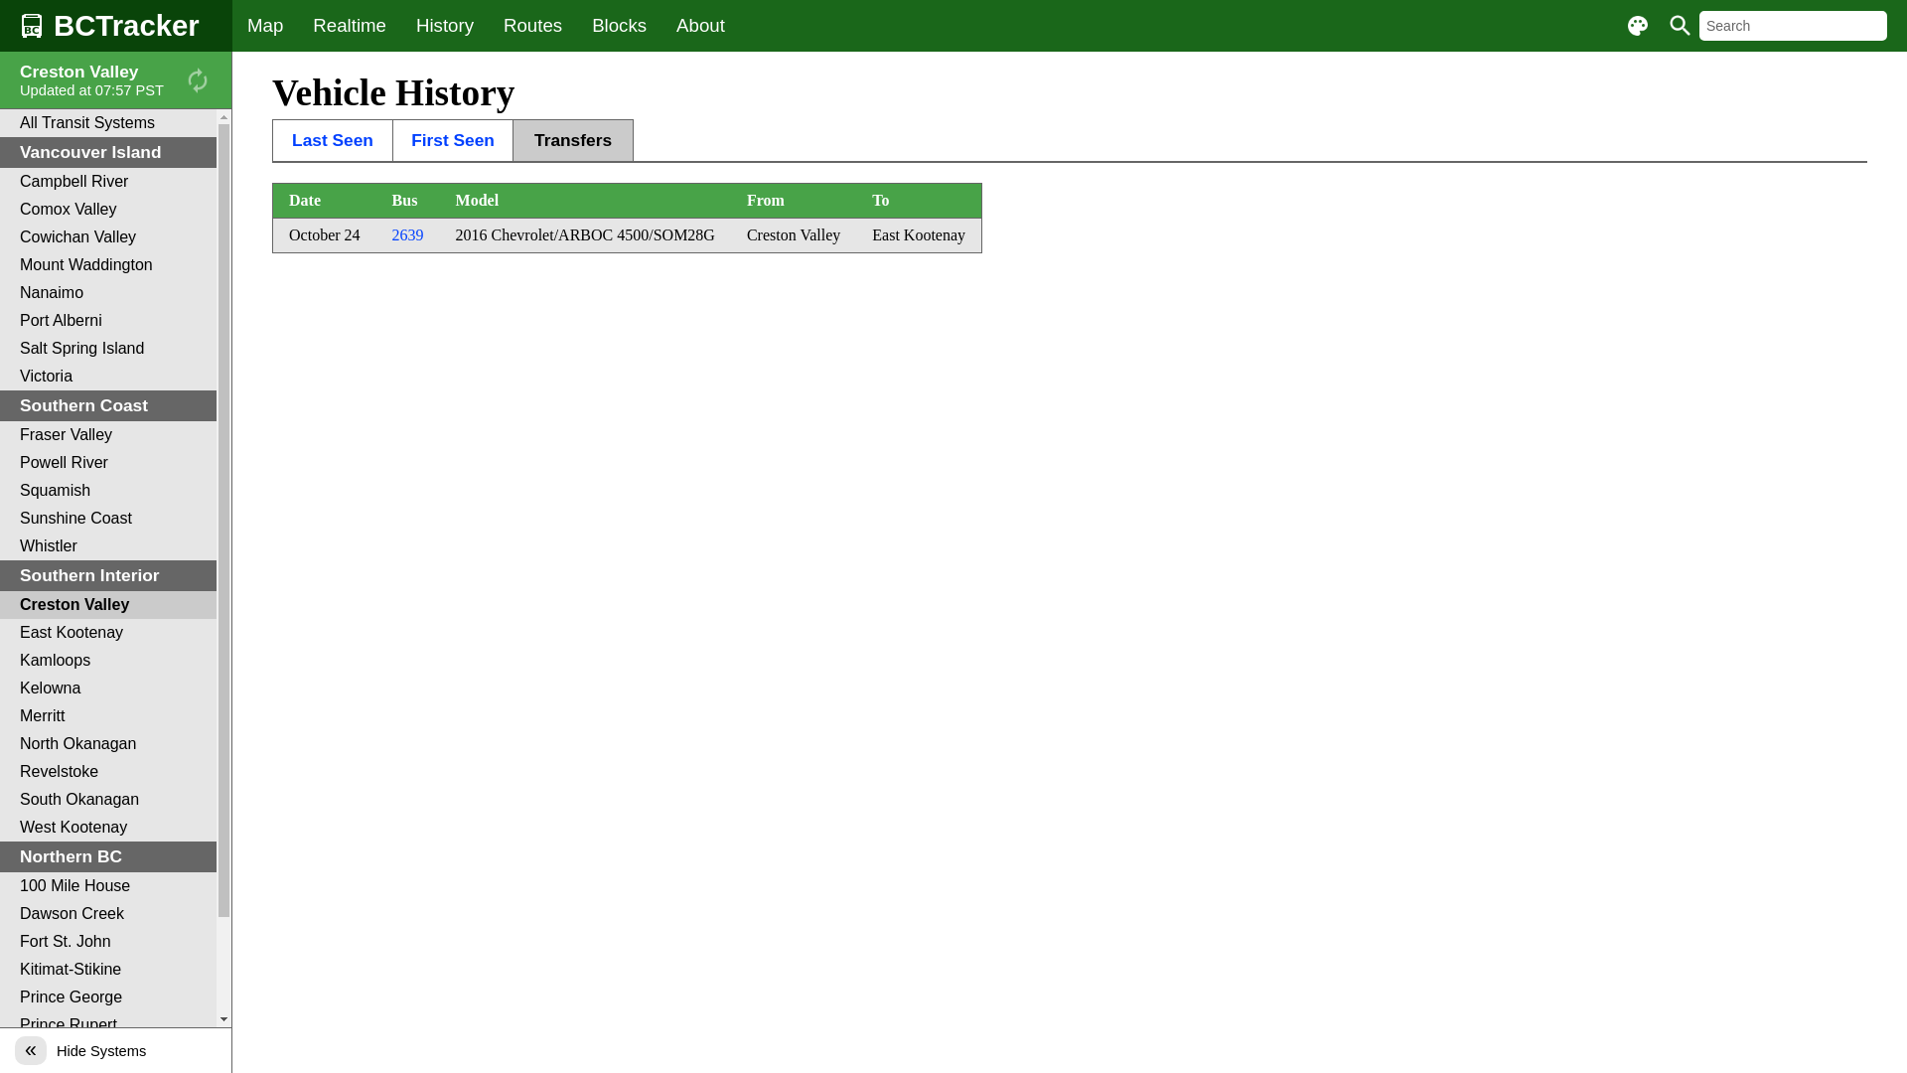  Describe the element at coordinates (0, 236) in the screenshot. I see `'Cowichan Valley'` at that location.